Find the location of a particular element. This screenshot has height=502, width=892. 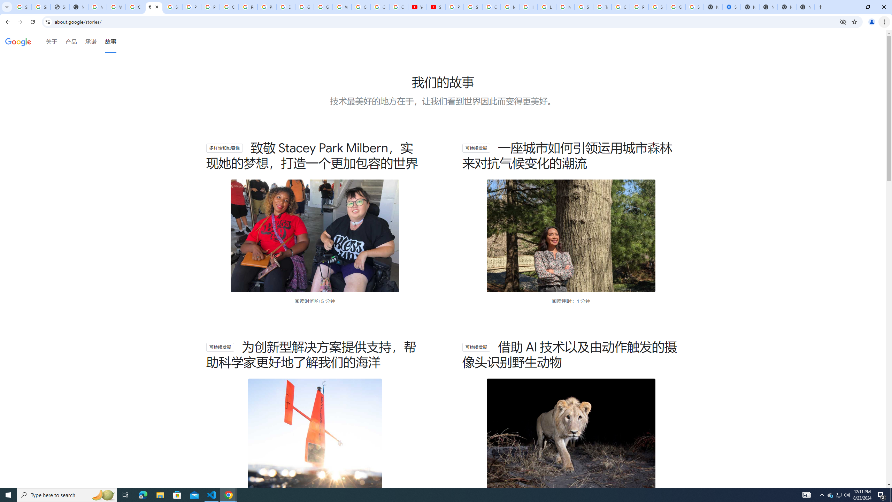

'Subscriptions - YouTube' is located at coordinates (436, 7).